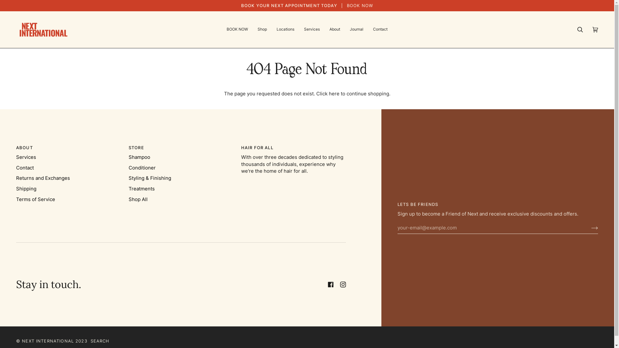  I want to click on 'Conditioner', so click(142, 167).